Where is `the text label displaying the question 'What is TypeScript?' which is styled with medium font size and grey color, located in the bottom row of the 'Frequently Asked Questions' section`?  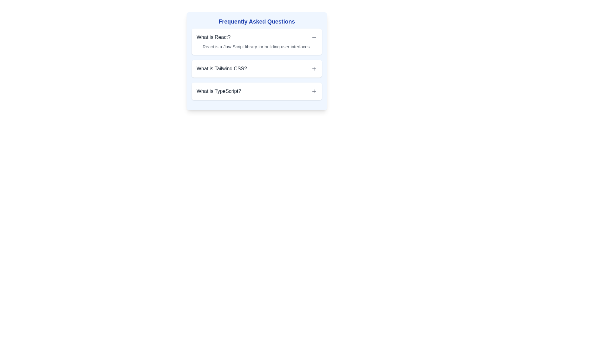 the text label displaying the question 'What is TypeScript?' which is styled with medium font size and grey color, located in the bottom row of the 'Frequently Asked Questions' section is located at coordinates (219, 91).